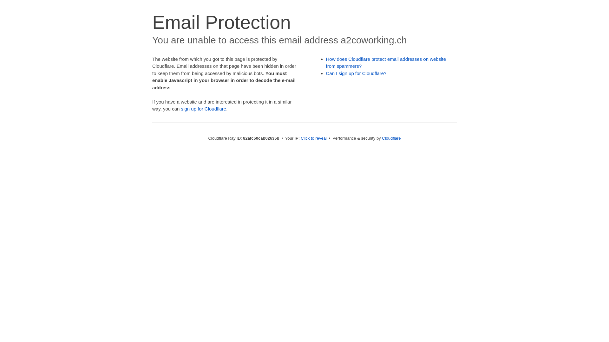 This screenshot has height=342, width=609. What do you see at coordinates (181, 108) in the screenshot?
I see `'sign up for Cloudflare'` at bounding box center [181, 108].